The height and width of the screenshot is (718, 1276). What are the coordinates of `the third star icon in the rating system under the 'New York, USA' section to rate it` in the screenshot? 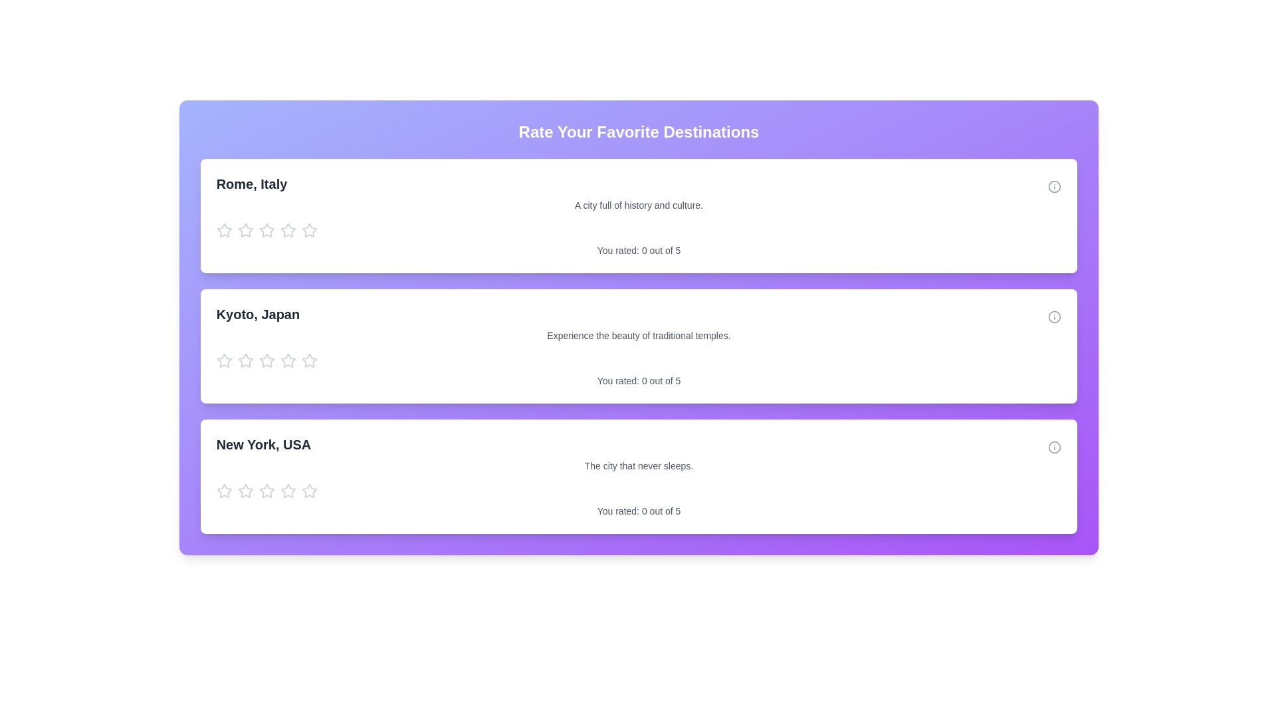 It's located at (287, 491).